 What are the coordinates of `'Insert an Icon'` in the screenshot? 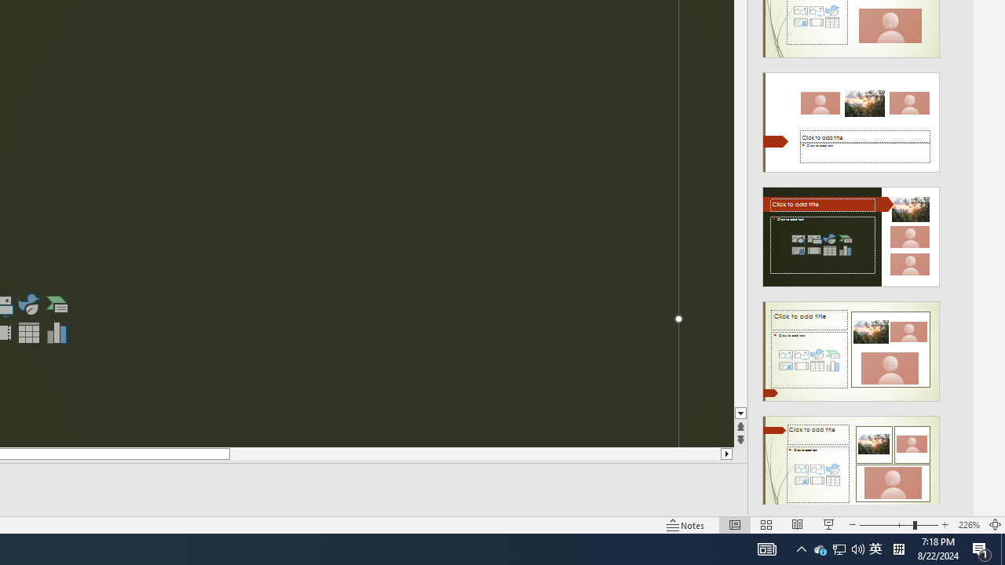 It's located at (28, 304).